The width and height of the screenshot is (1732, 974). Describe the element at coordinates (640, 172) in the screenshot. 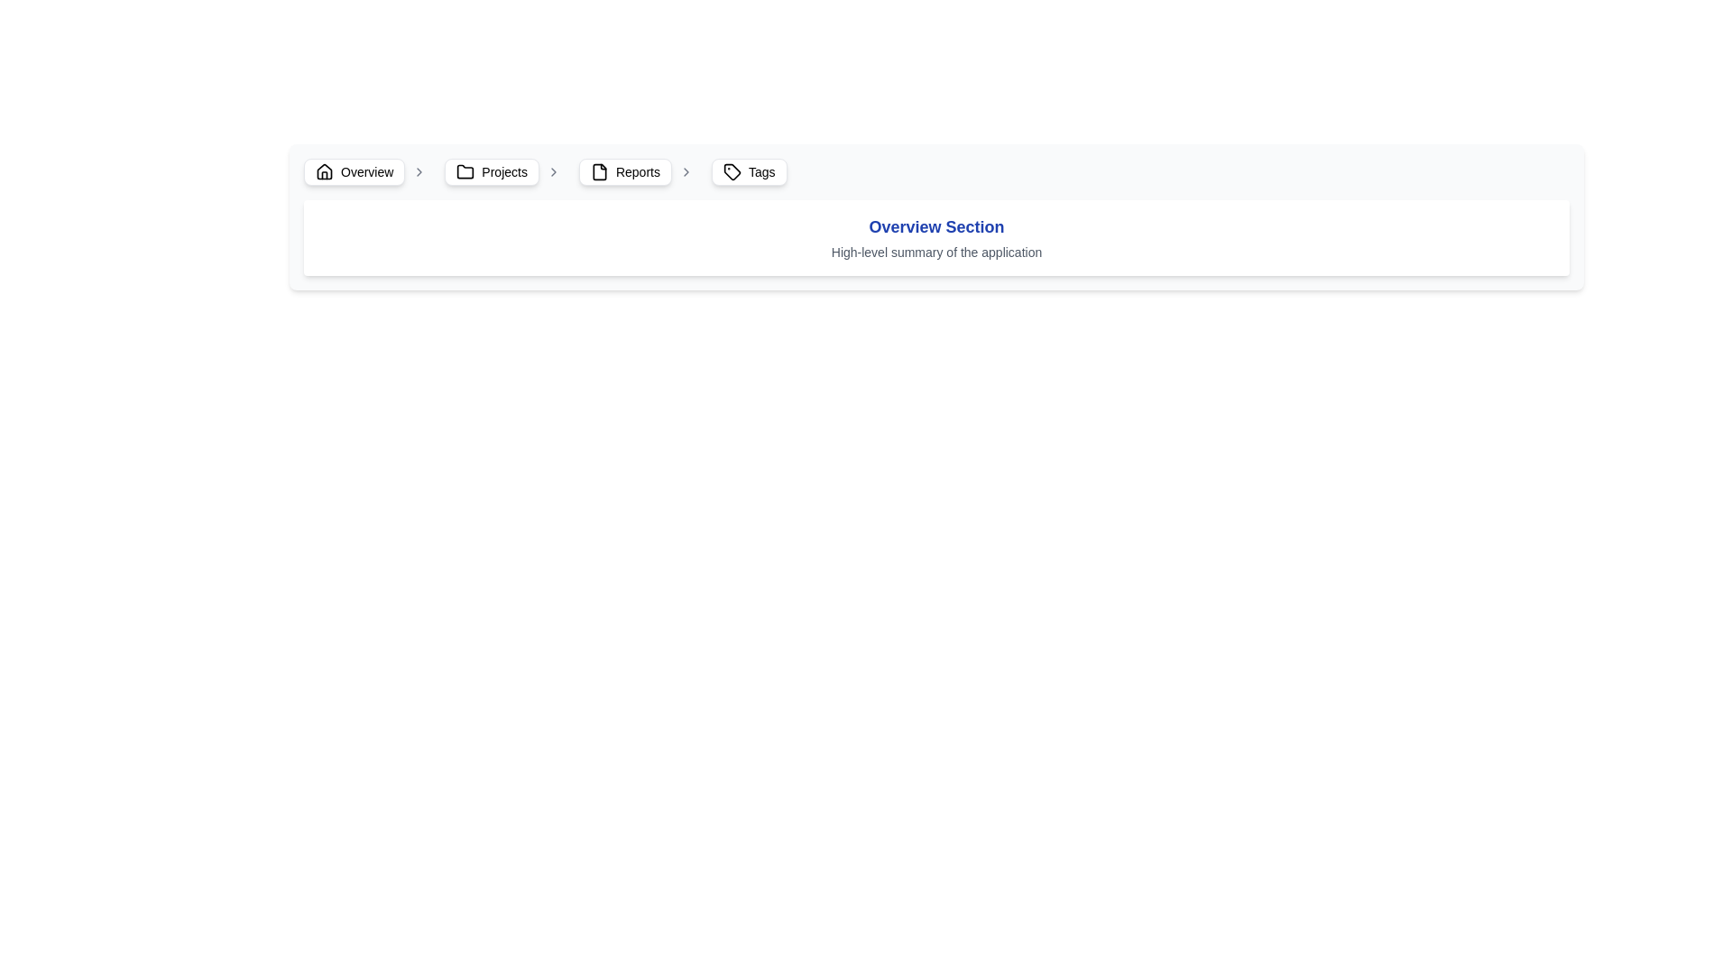

I see `the breadcrumb navigation item labeled 'Reports'` at that location.